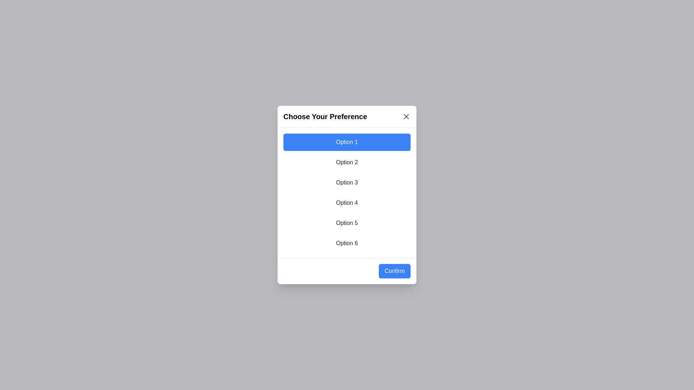 Image resolution: width=694 pixels, height=390 pixels. What do you see at coordinates (406, 116) in the screenshot?
I see `the close button (X) in the top-right corner of the dialog` at bounding box center [406, 116].